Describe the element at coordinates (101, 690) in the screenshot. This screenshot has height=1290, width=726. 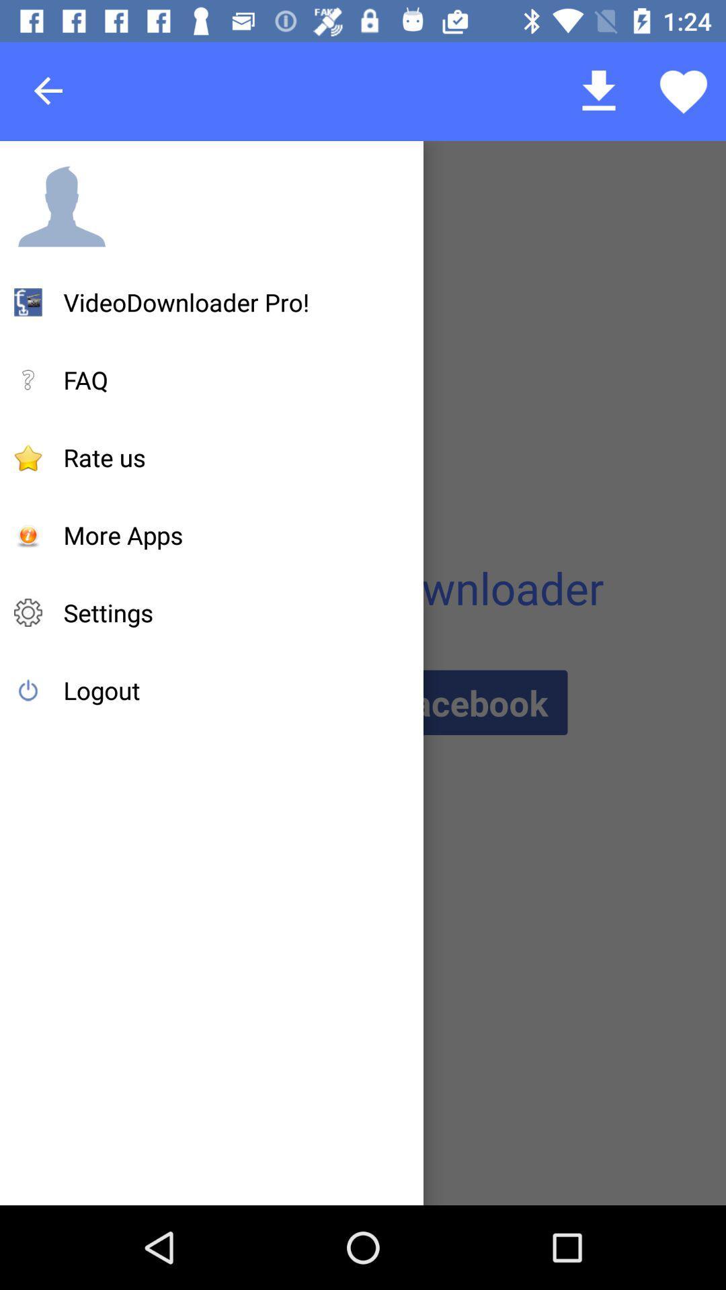
I see `the icon to the left of the log in with` at that location.